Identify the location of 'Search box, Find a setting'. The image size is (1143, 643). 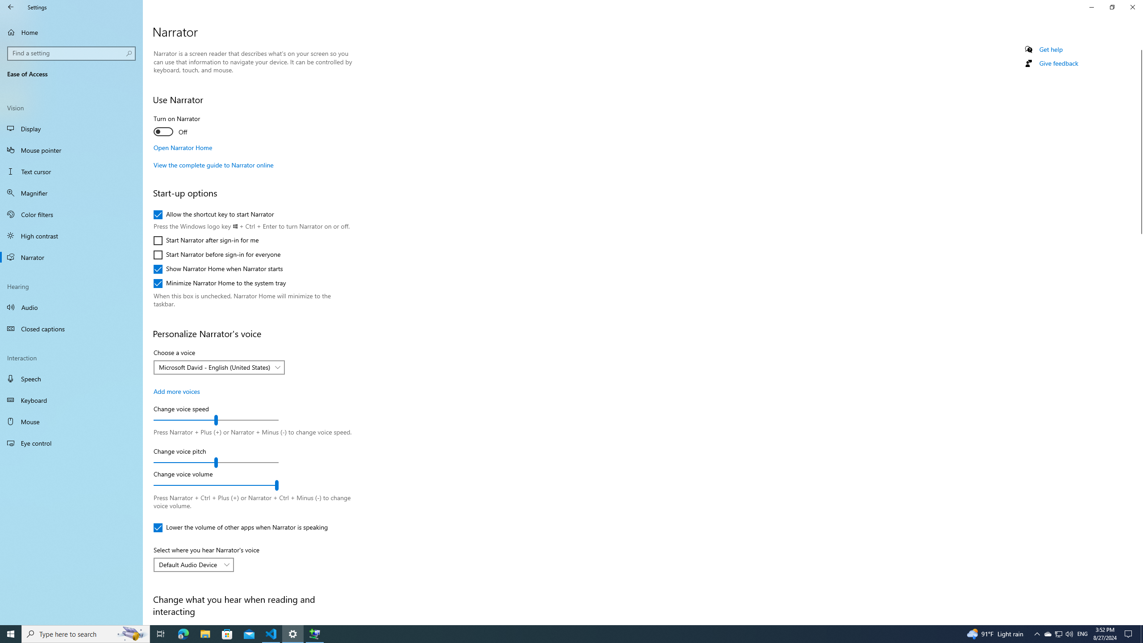
(71, 53).